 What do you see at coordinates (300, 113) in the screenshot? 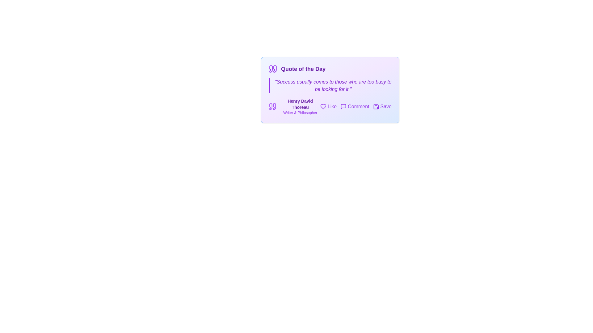
I see `text label that provides additional context for 'Henry David Thoreau', located beneath the name in a smaller font size` at bounding box center [300, 113].